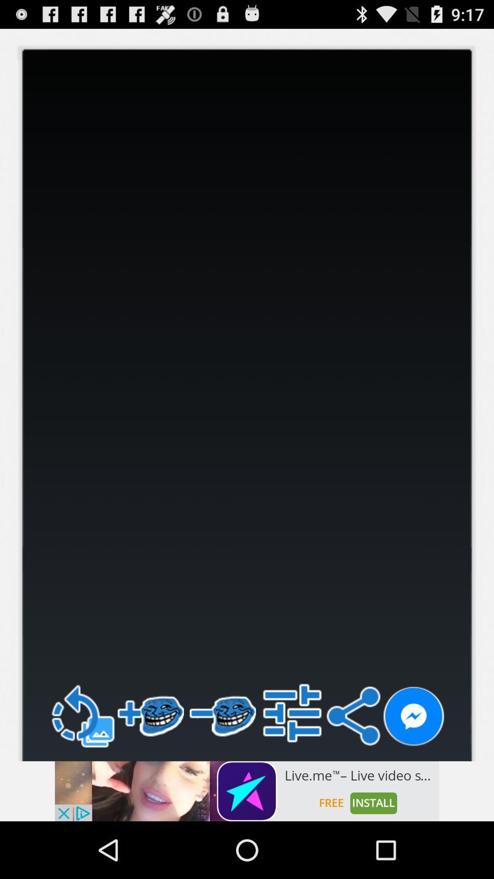  What do you see at coordinates (292, 712) in the screenshot?
I see `menu` at bounding box center [292, 712].